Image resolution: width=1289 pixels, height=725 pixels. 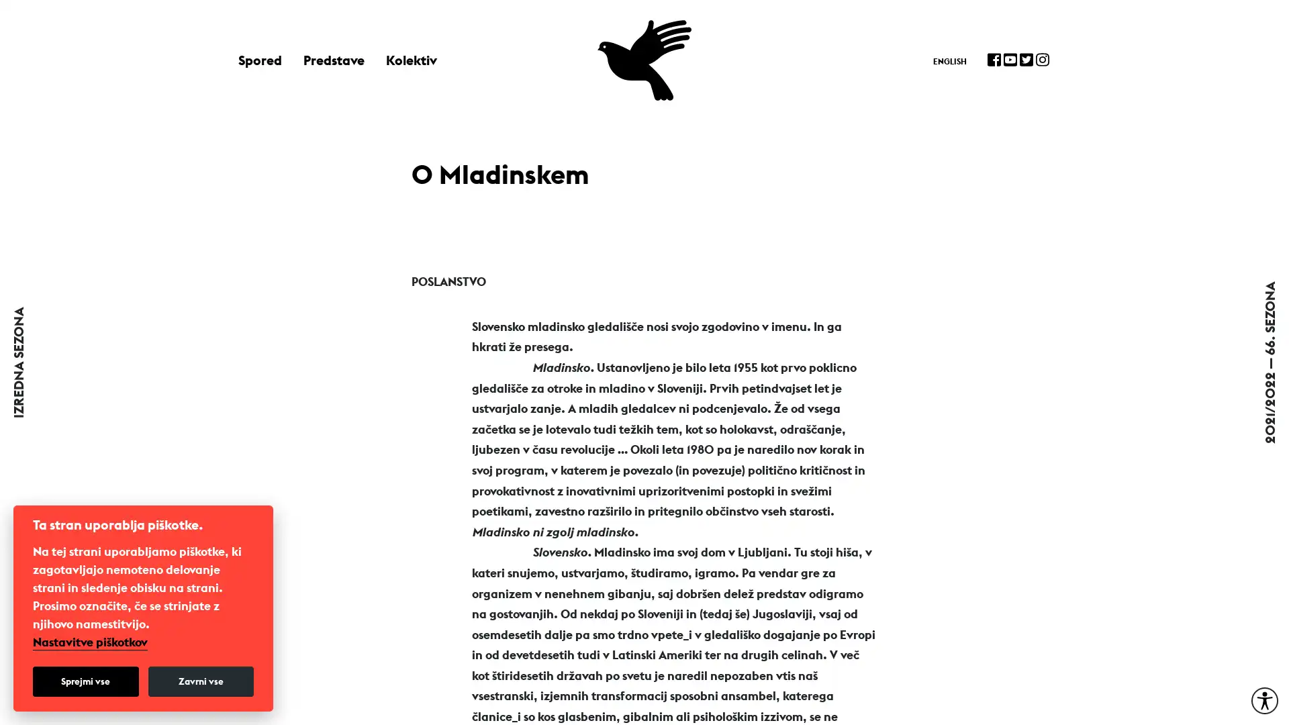 What do you see at coordinates (1263, 700) in the screenshot?
I see `Moznosti za dostopnost` at bounding box center [1263, 700].